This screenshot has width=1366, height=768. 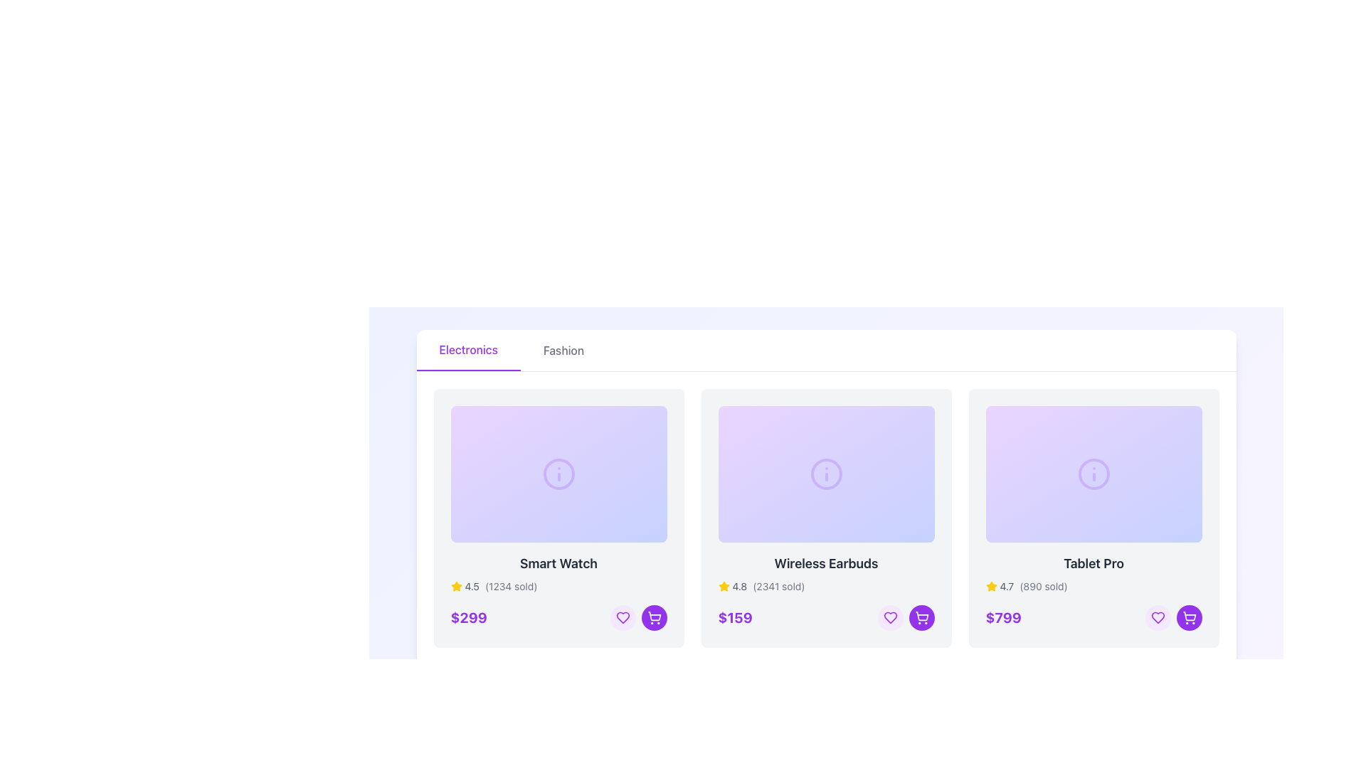 What do you see at coordinates (469, 617) in the screenshot?
I see `the price label displaying '$299' in bold, extra-large purple text located in the 'Smart Watch' product card` at bounding box center [469, 617].